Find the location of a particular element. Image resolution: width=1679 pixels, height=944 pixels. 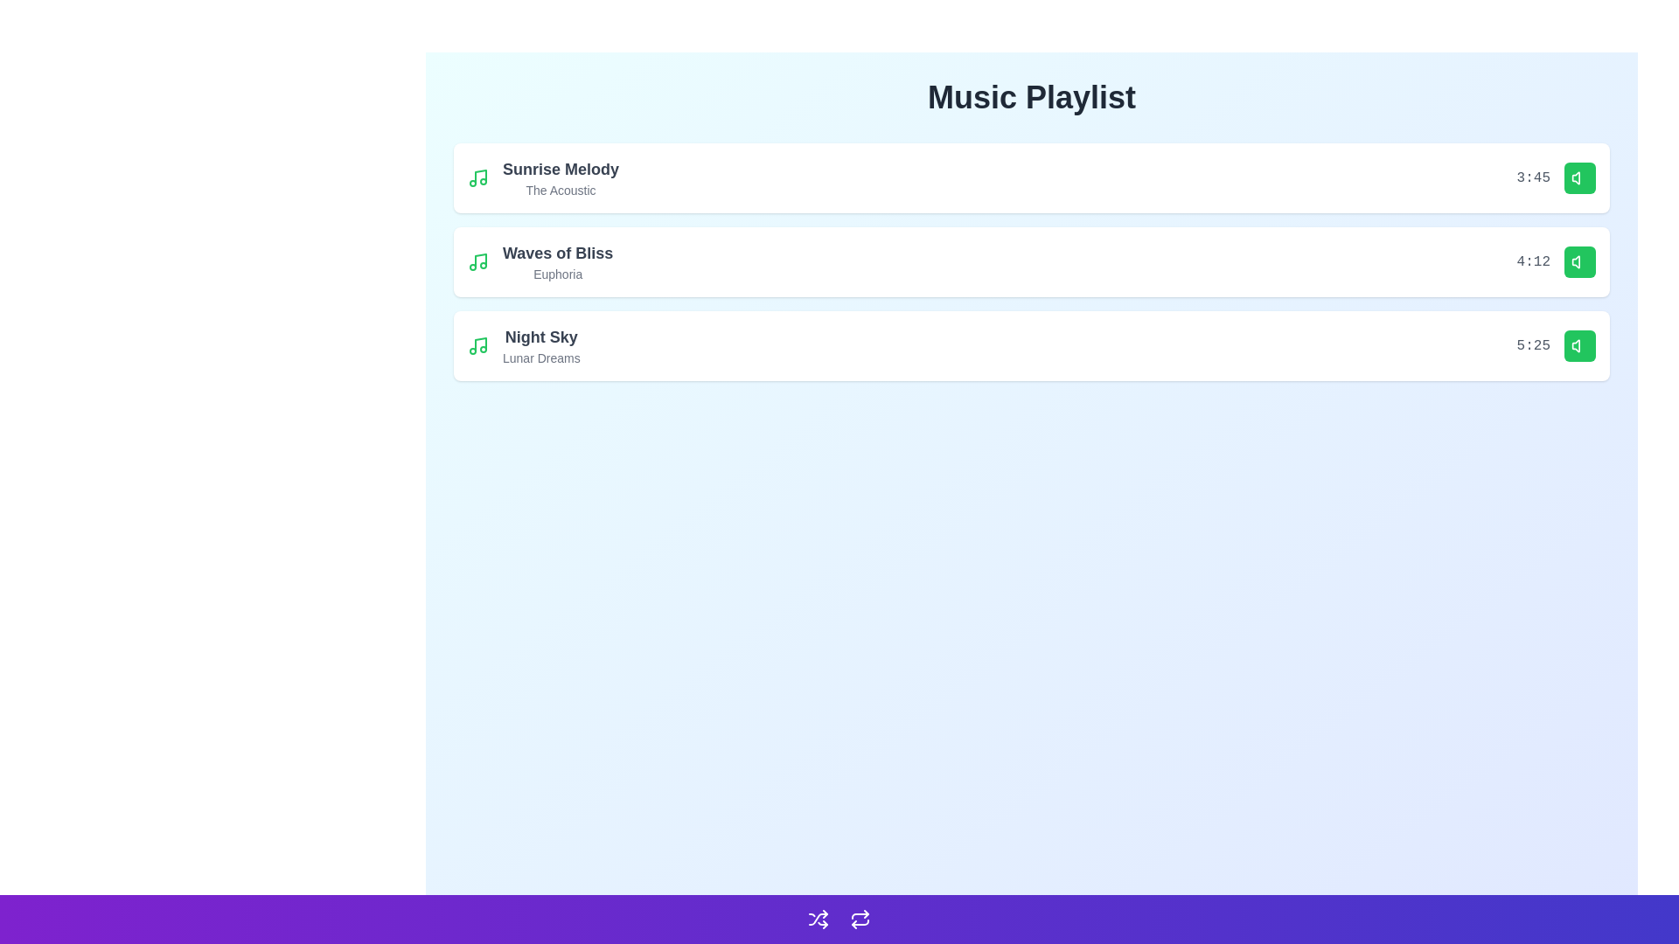

the text label that indicates the duration of a playlist item, located in the second row of the playlist, aligned to the right side beside the green volume button is located at coordinates (1532, 262).